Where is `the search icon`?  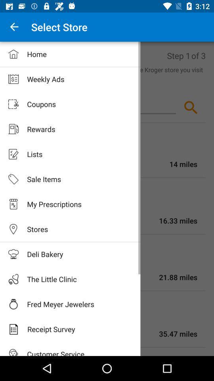 the search icon is located at coordinates (190, 107).